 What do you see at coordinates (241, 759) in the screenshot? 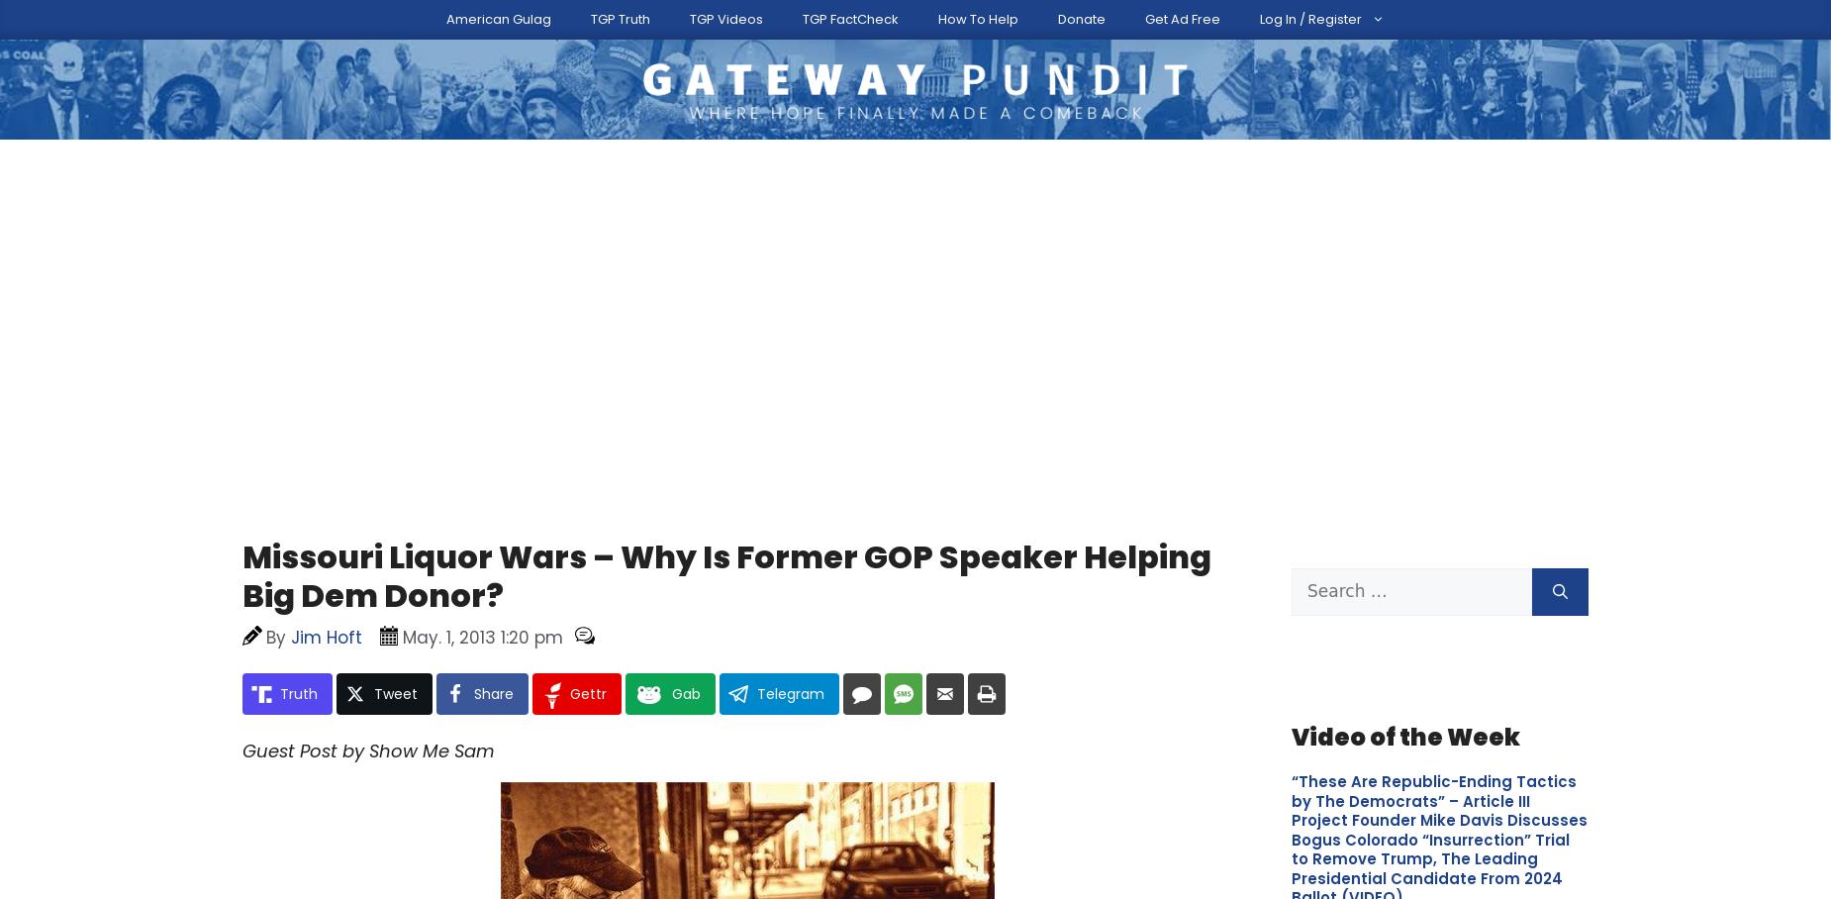
I see `'Submit additional information.'` at bounding box center [241, 759].